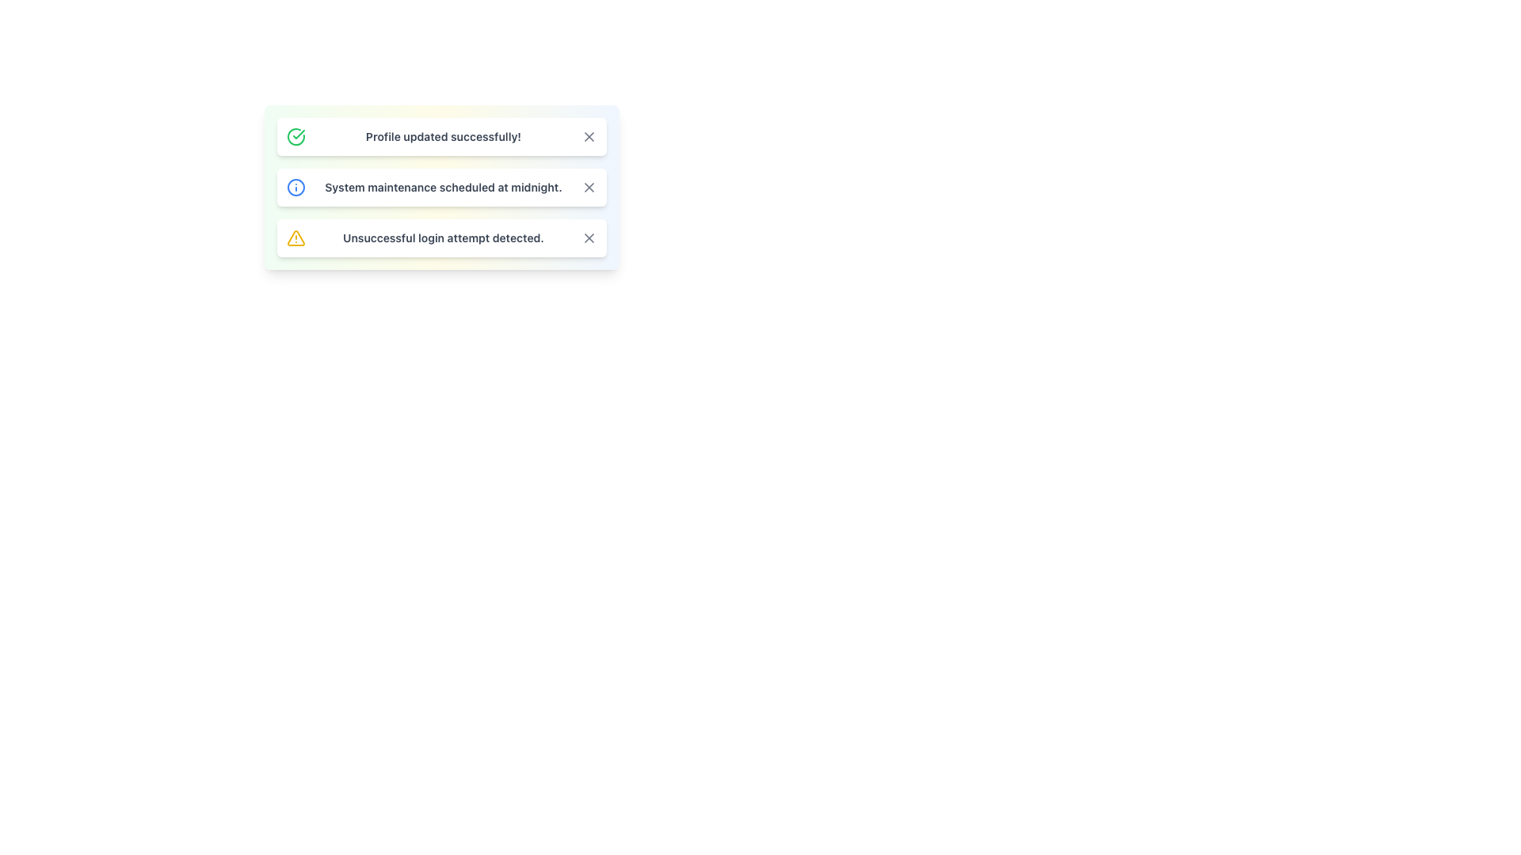 This screenshot has height=855, width=1521. I want to click on the small gray X icon located at the top-right corner of the success notification banner, so click(589, 136).